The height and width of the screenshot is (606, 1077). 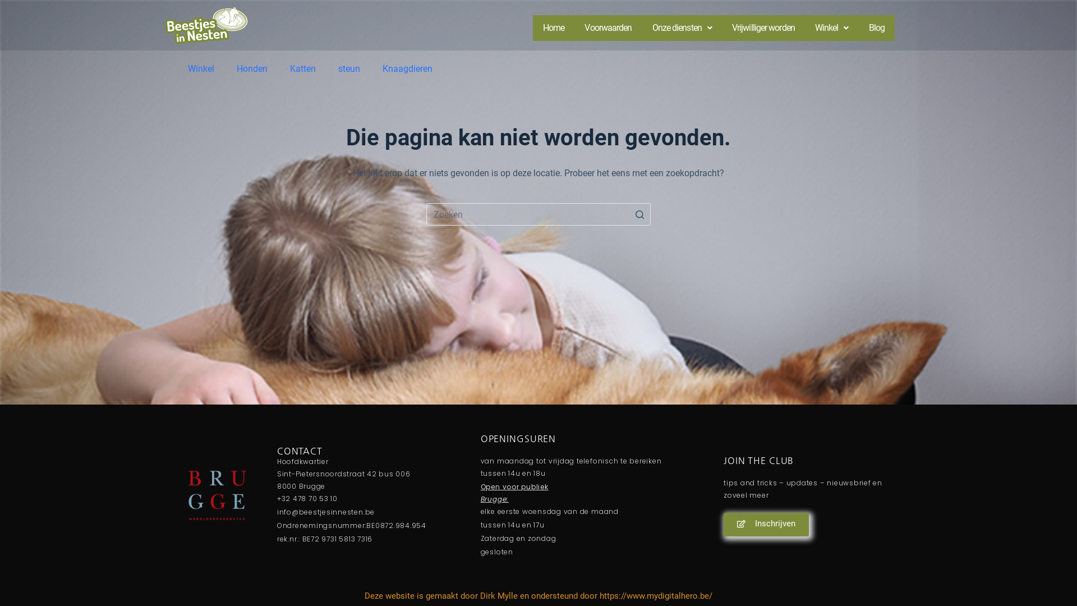 I want to click on 'Honden', so click(x=251, y=69).